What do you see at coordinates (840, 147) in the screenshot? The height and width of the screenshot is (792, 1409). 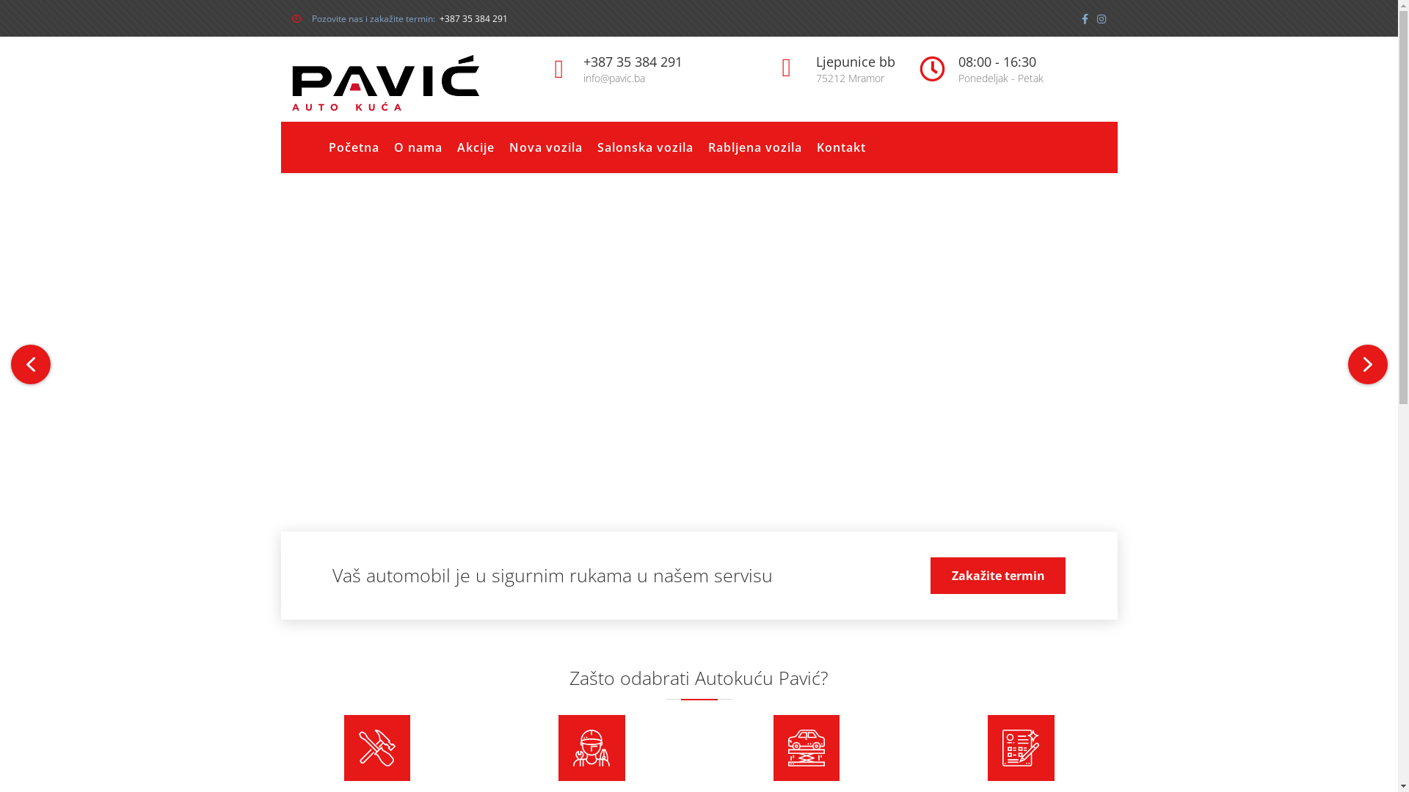 I see `'Kontakt'` at bounding box center [840, 147].